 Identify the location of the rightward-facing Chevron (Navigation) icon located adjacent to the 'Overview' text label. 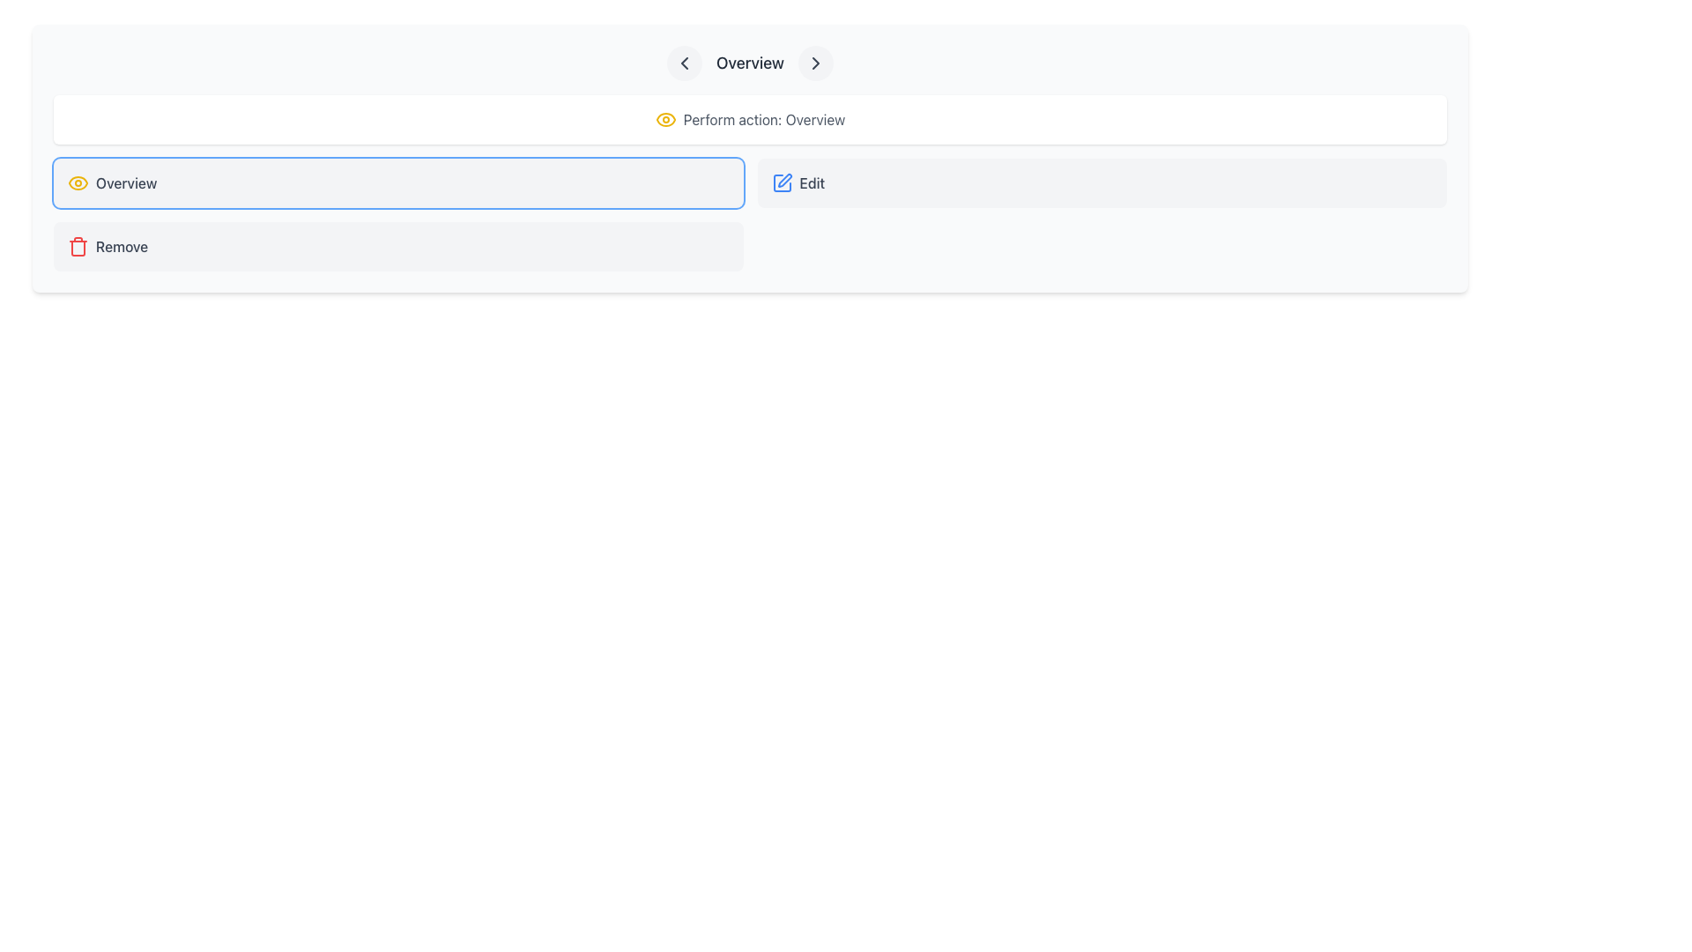
(815, 63).